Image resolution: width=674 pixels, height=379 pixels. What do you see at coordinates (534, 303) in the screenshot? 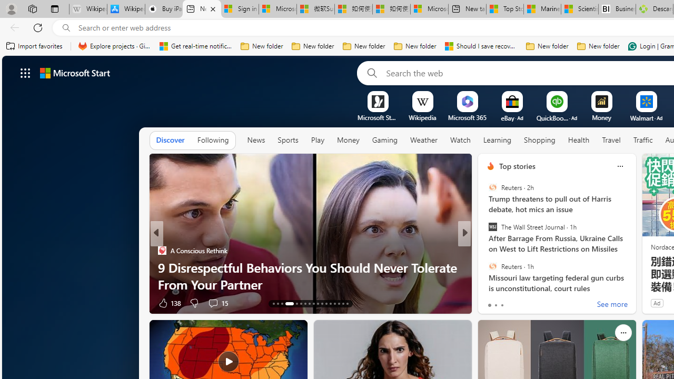
I see `'View comments 35 Comment'` at bounding box center [534, 303].